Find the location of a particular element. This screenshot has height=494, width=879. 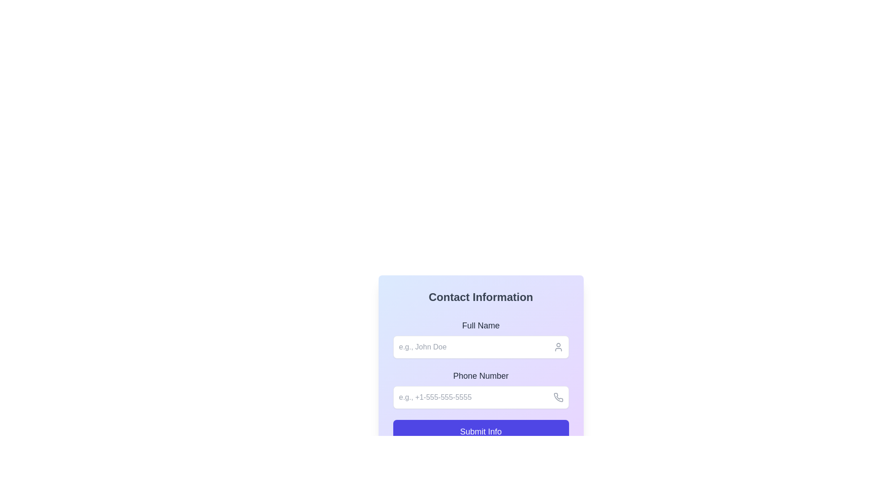

the 'Phone Number' input field to focus it for user input is located at coordinates (480, 389).